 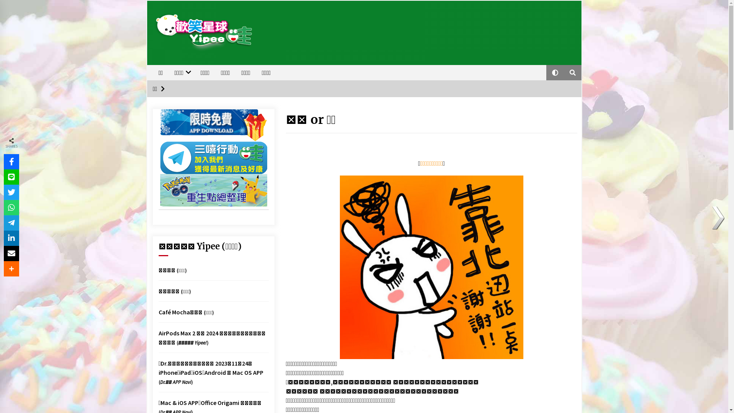 What do you see at coordinates (3, 238) in the screenshot?
I see `'Add this to LinkedIn'` at bounding box center [3, 238].